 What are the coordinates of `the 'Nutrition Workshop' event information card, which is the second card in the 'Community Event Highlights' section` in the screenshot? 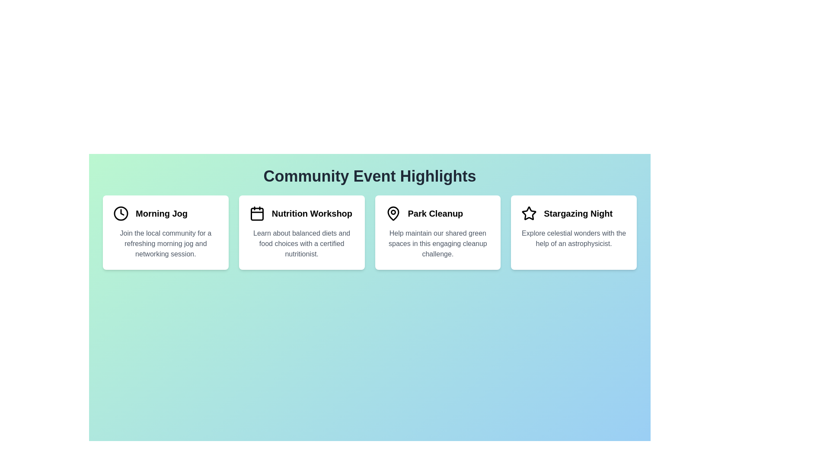 It's located at (302, 232).